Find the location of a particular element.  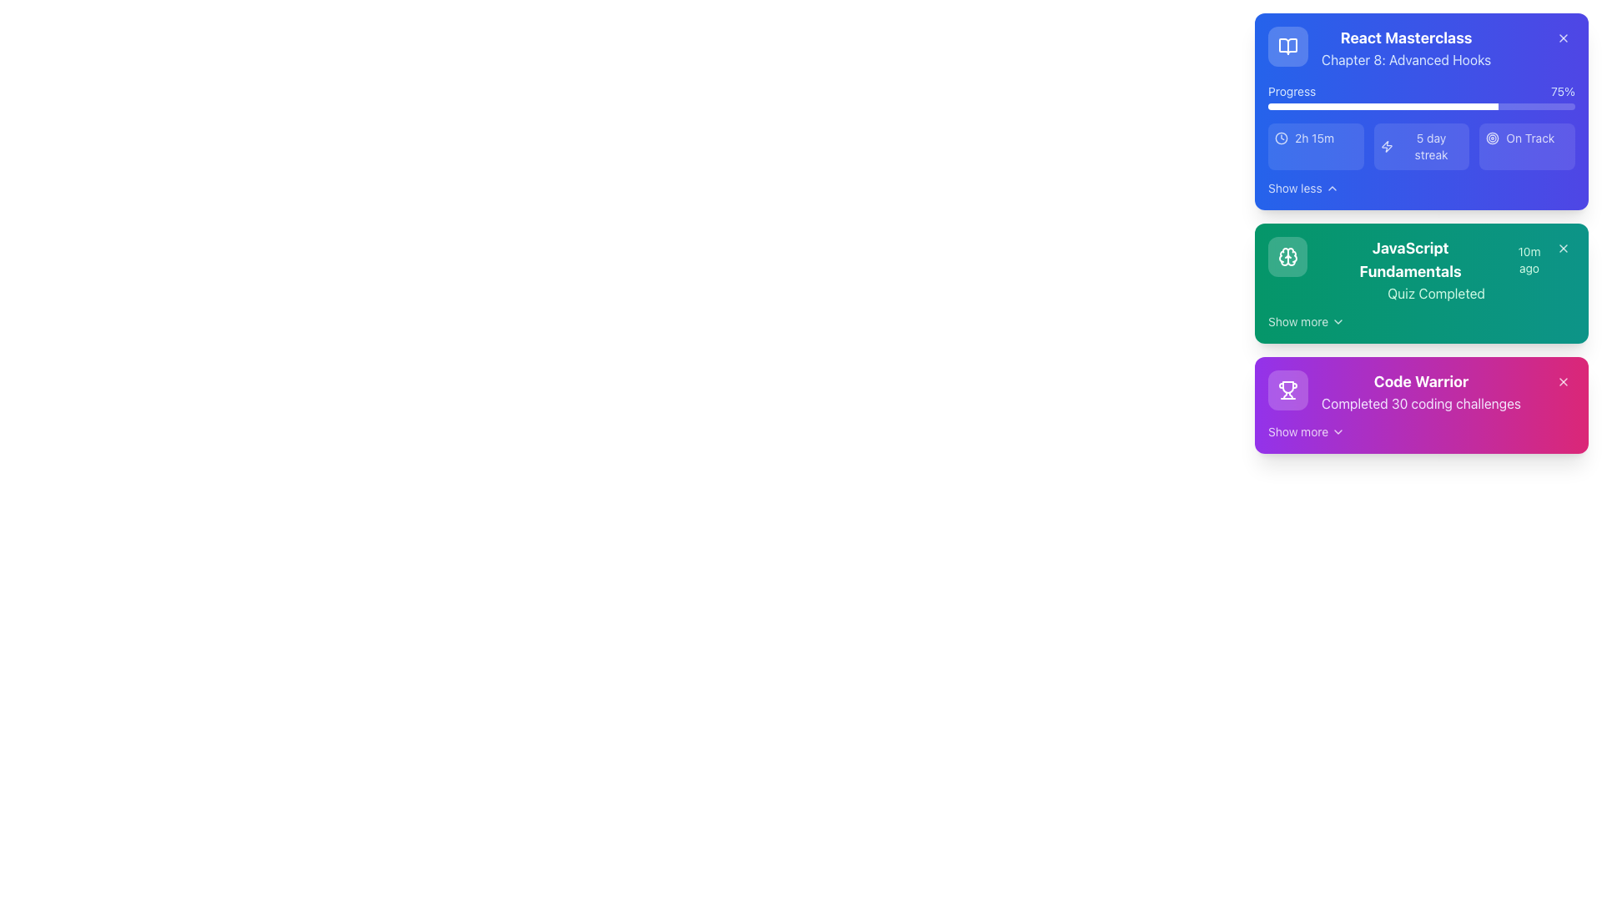

the timestamp Text Label located in the upper right section of the 'JavaScript Fundamentals' card, positioned to the right of the title and above the 'Quiz Completed' text is located at coordinates (1529, 260).